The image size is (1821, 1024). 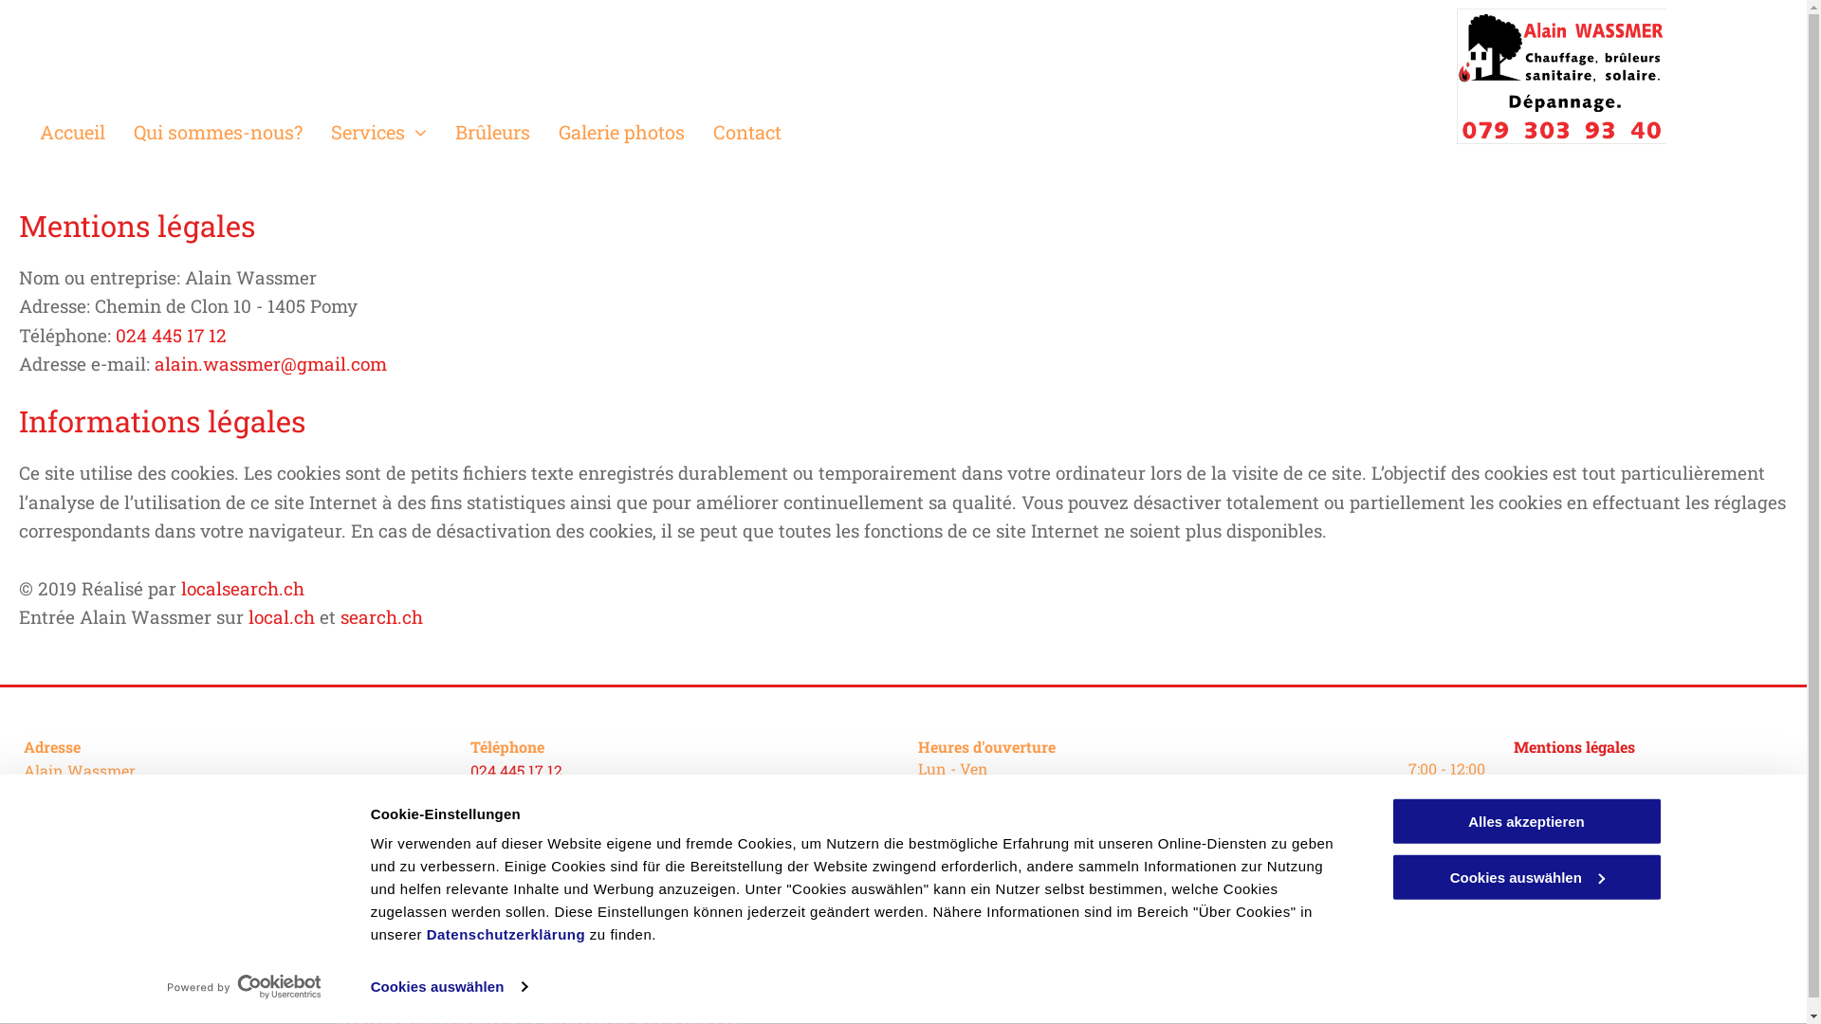 I want to click on 'Accueil', so click(x=85, y=130).